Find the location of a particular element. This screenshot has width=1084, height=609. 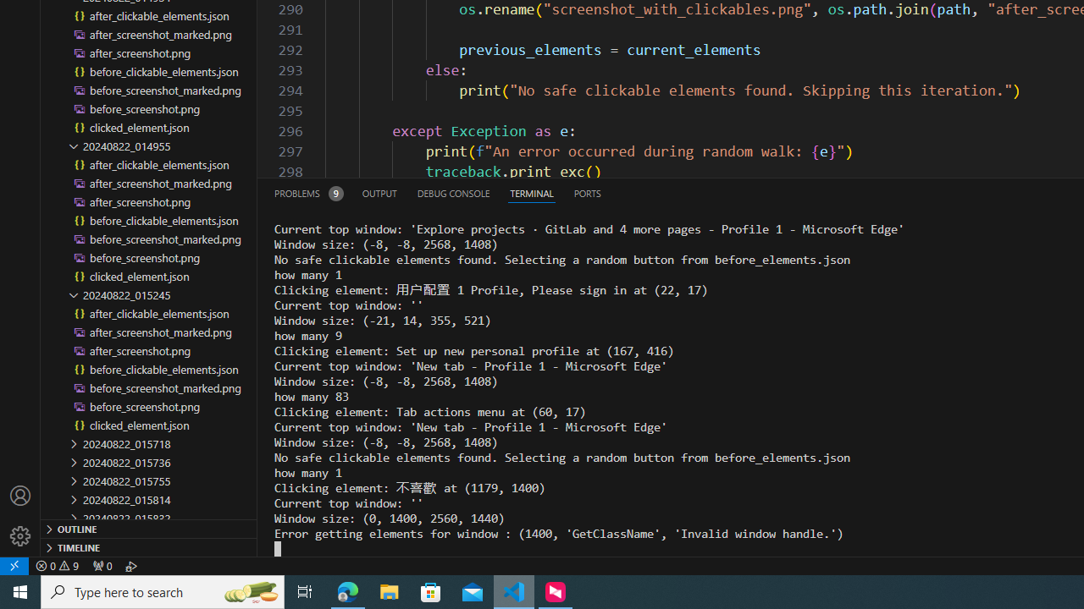

'Ports' is located at coordinates (587, 192).